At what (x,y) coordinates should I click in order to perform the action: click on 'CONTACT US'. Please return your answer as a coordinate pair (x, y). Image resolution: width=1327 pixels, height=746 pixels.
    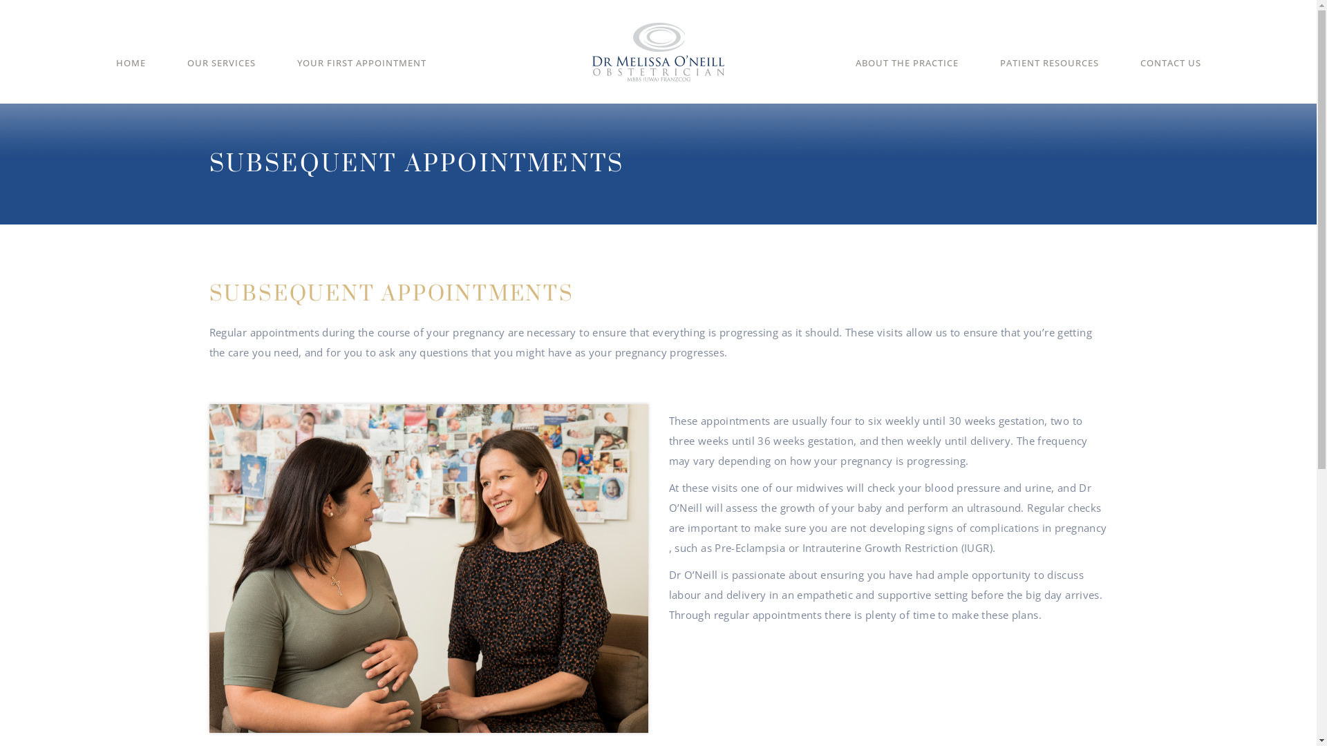
    Looking at the image, I should click on (1140, 73).